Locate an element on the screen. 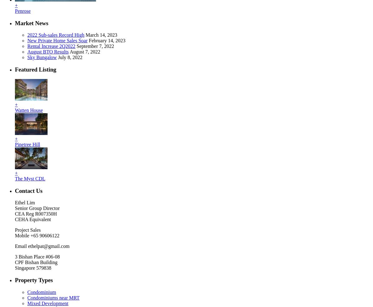 The image size is (373, 307). 'CPF Bishan Building' is located at coordinates (36, 262).